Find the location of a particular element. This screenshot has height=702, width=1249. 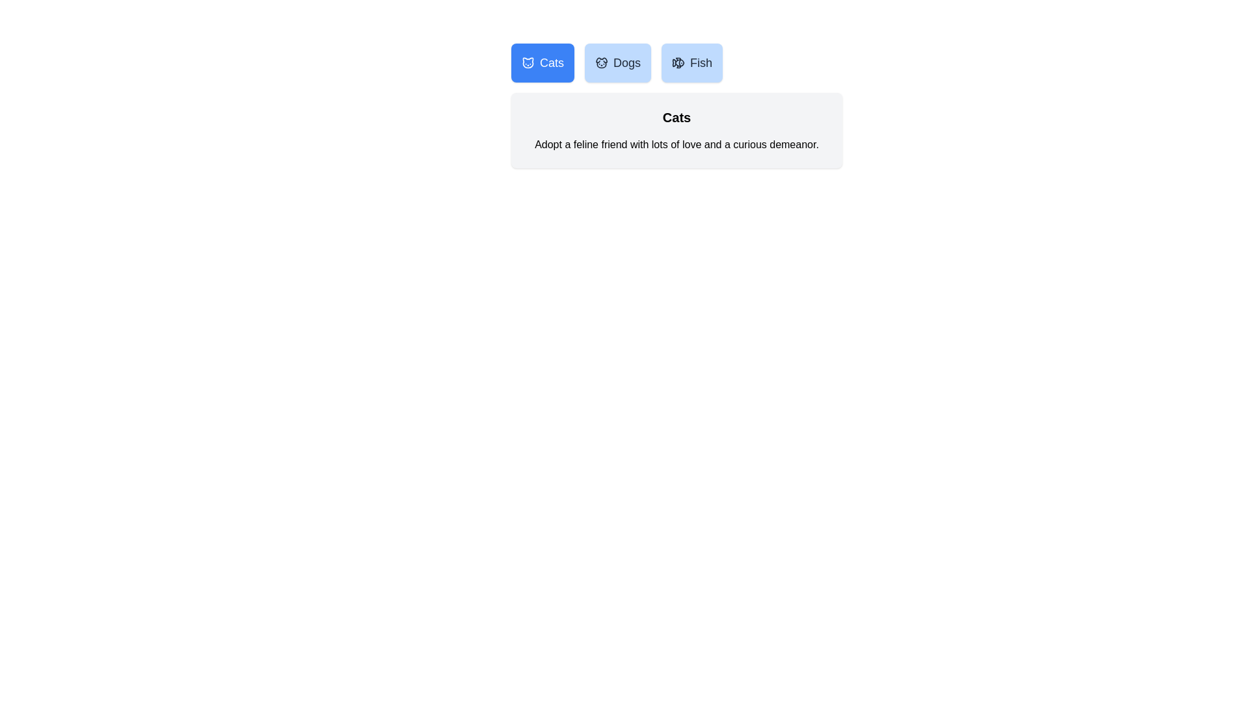

the tab corresponding to Dogs to inspect its icon is located at coordinates (617, 62).